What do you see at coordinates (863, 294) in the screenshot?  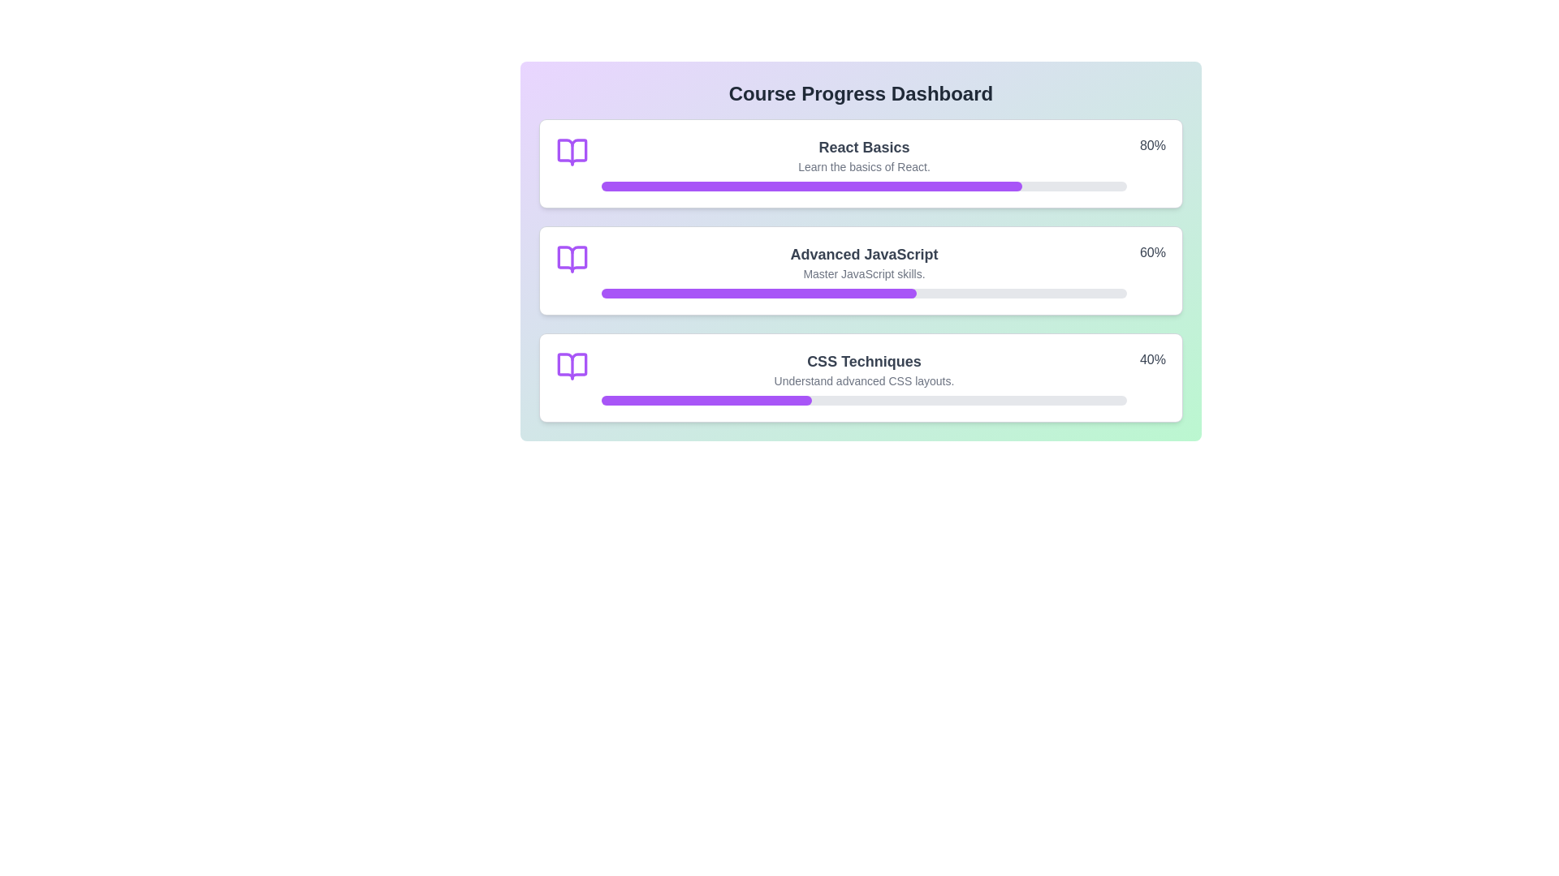 I see `the Horizontal Progress Bar indicating 60% completion of the 'Advanced JavaScript' course, located under 'Master JavaScript skills'` at bounding box center [863, 294].